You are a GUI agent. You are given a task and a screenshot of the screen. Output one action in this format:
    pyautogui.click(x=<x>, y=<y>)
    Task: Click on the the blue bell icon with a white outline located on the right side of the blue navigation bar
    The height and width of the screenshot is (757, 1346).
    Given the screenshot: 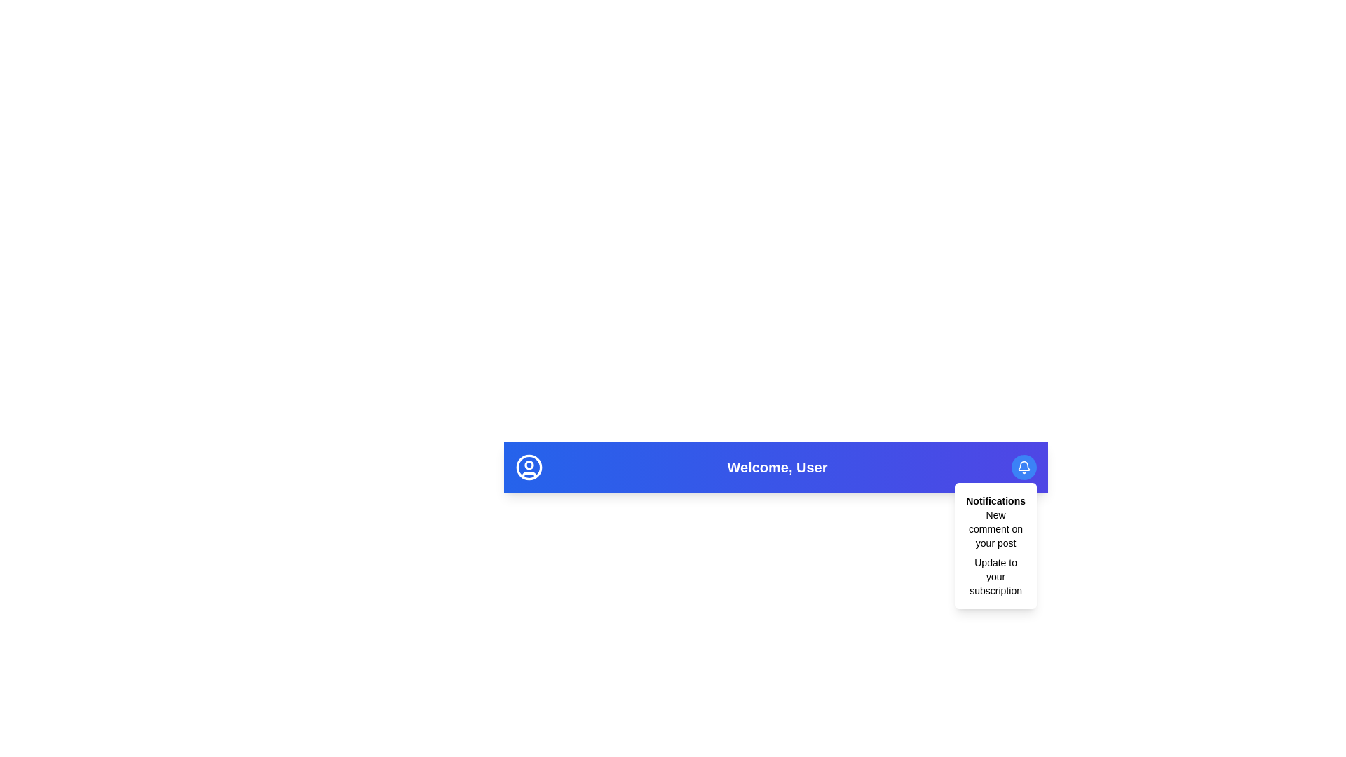 What is the action you would take?
    pyautogui.click(x=1024, y=468)
    